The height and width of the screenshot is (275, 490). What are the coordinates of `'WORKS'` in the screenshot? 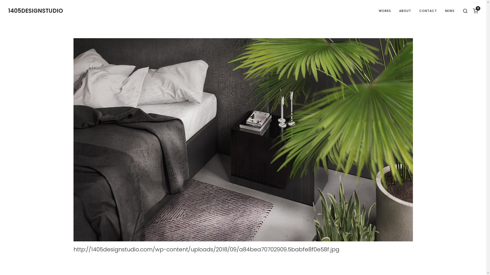 It's located at (385, 11).